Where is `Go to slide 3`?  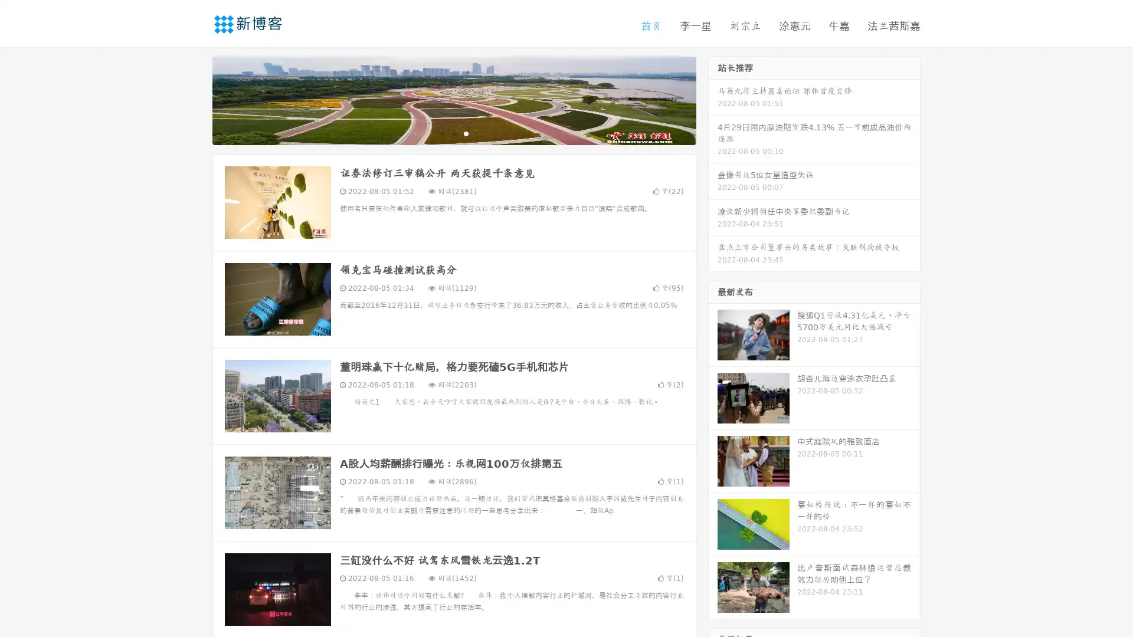
Go to slide 3 is located at coordinates (466, 133).